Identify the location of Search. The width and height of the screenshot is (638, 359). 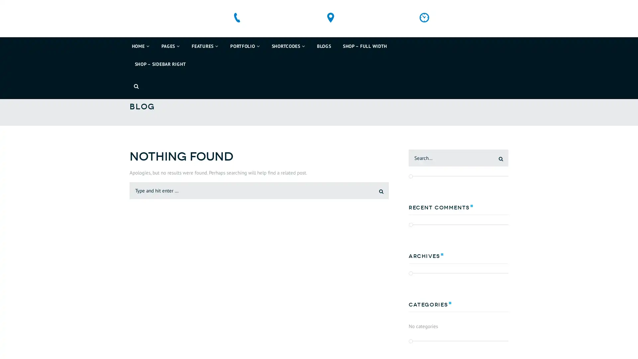
(376, 205).